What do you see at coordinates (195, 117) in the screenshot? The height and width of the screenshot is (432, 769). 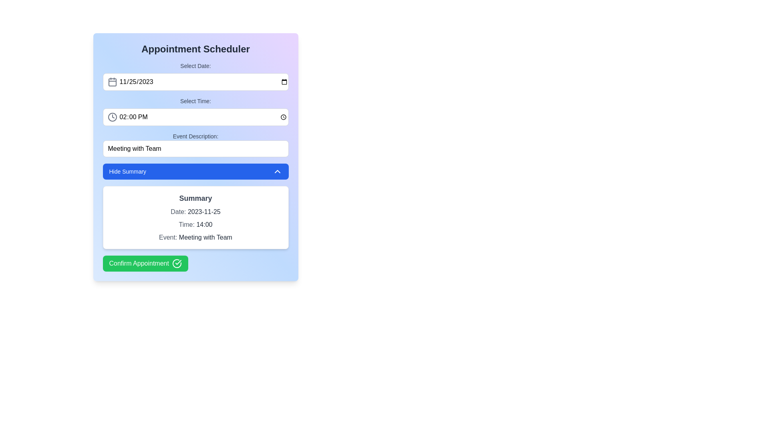 I see `the Time input field by tabbing to it` at bounding box center [195, 117].